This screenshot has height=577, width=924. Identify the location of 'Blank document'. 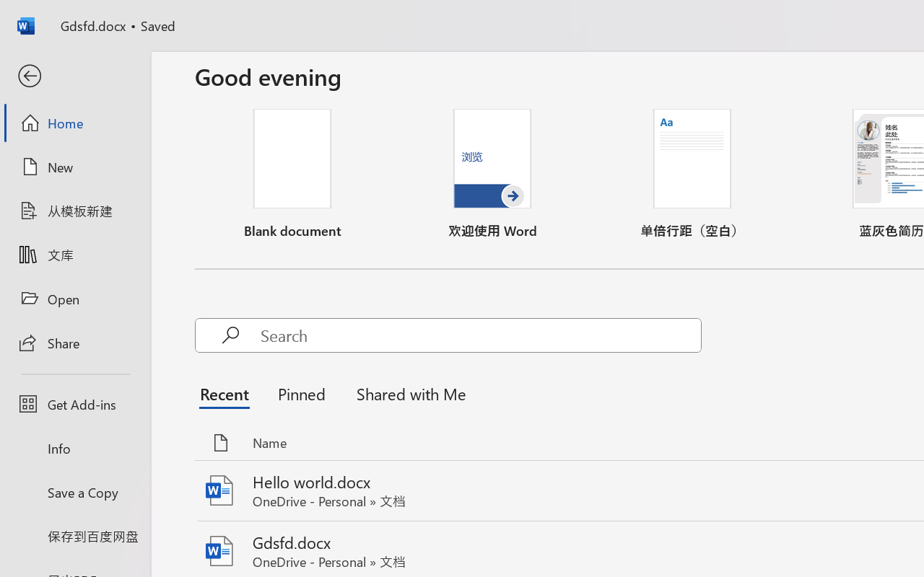
(292, 173).